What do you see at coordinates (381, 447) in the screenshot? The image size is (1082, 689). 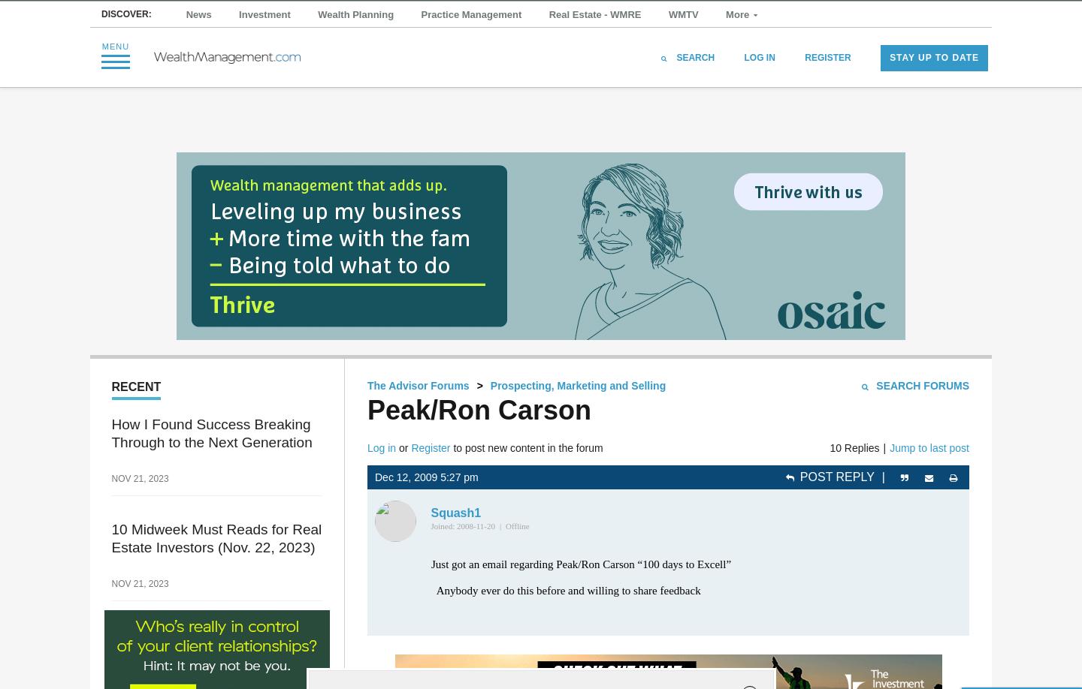 I see `'Log in'` at bounding box center [381, 447].